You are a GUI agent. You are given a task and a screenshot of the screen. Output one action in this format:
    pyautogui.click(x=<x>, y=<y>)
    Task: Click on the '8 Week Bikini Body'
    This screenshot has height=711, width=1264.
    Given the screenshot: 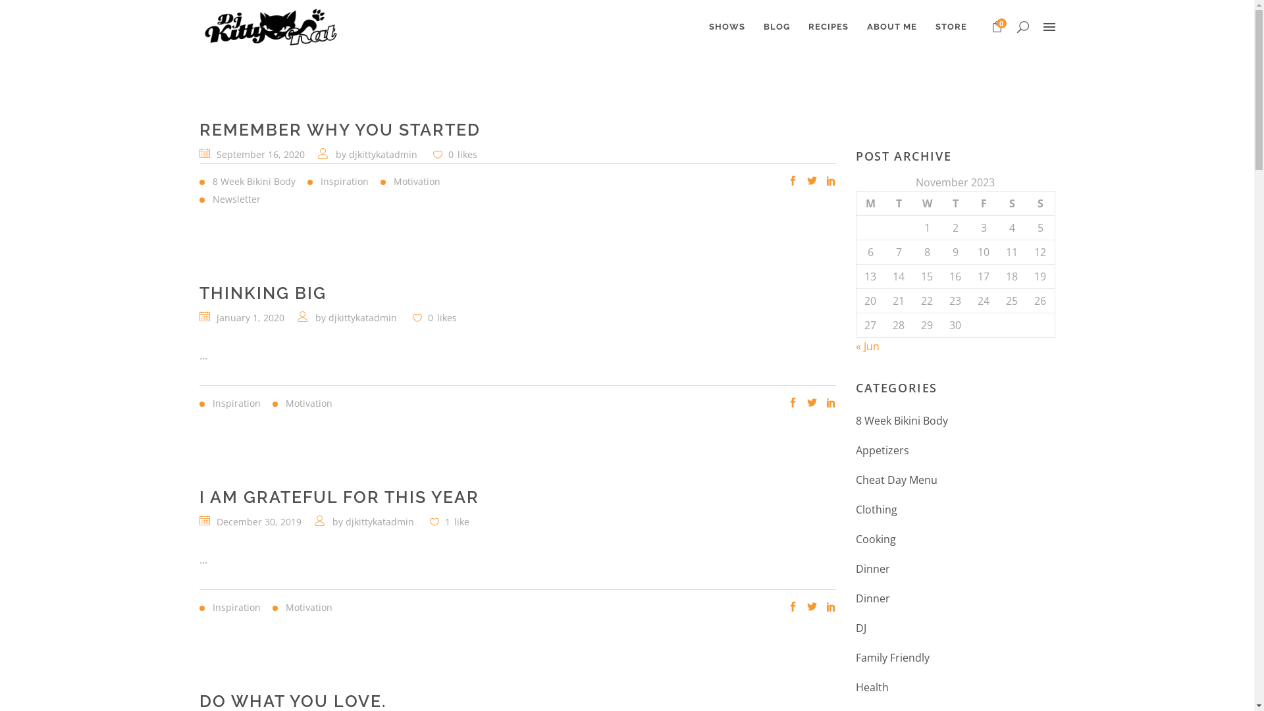 What is the action you would take?
    pyautogui.click(x=901, y=421)
    